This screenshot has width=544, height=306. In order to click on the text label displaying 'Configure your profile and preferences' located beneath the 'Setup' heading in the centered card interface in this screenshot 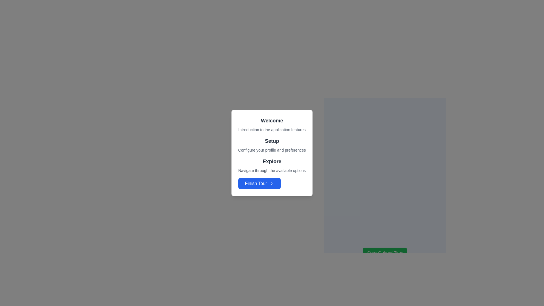, I will do `click(272, 150)`.